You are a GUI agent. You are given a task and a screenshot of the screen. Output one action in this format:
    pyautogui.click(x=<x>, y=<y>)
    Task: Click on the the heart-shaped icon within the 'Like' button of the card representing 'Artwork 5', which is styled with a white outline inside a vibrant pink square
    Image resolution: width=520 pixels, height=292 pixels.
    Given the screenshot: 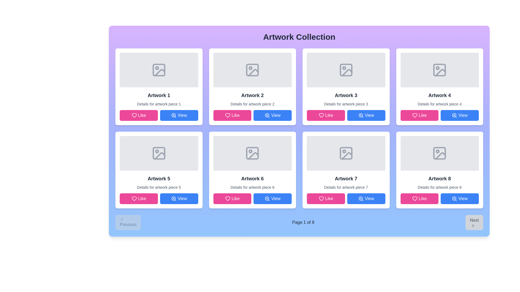 What is the action you would take?
    pyautogui.click(x=134, y=199)
    